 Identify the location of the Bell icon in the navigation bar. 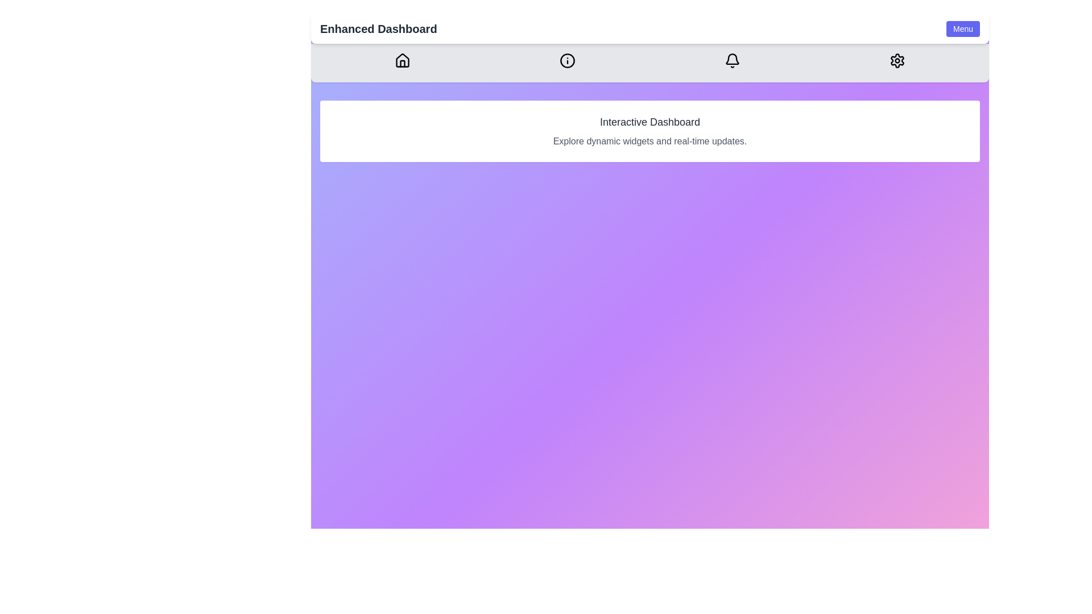
(732, 61).